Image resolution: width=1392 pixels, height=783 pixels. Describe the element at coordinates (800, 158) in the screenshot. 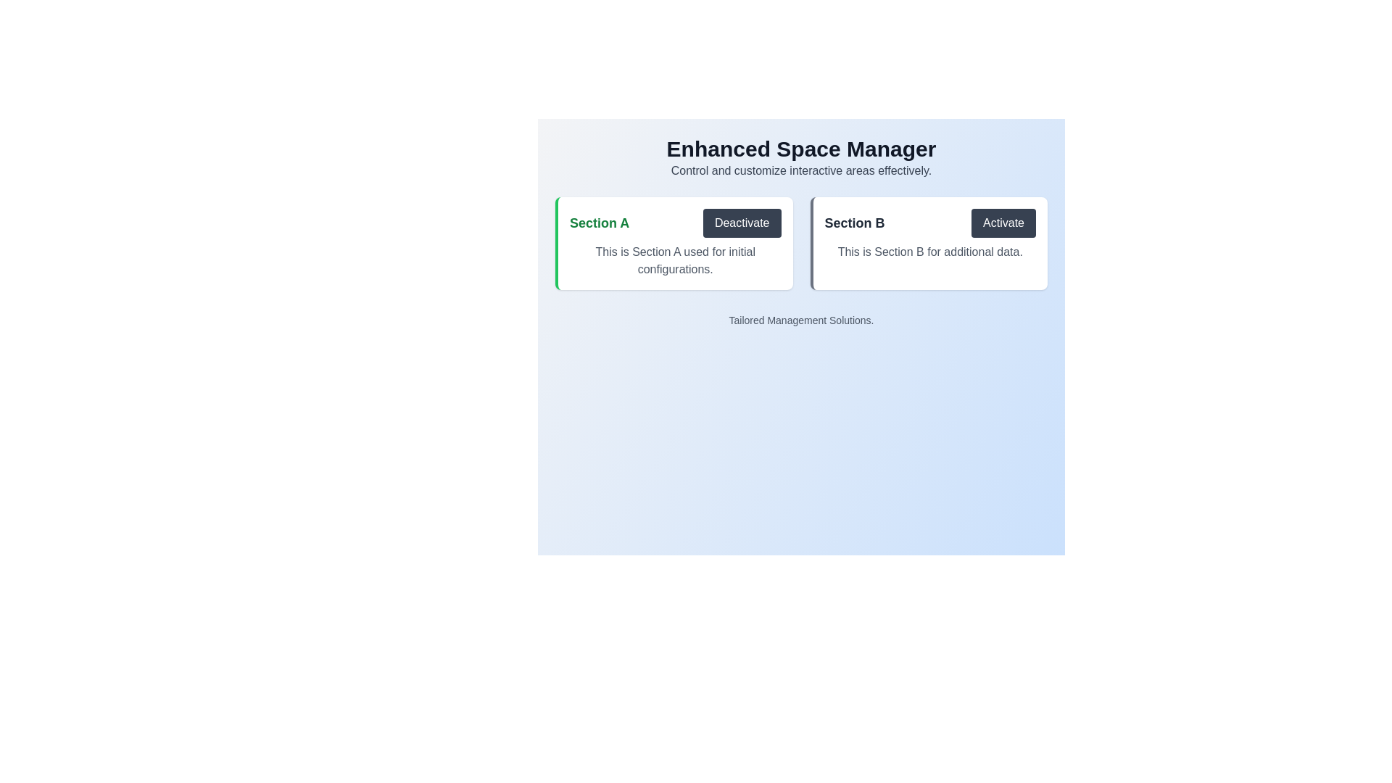

I see `the Text block with heading and subtitle, which serves as an introductory component for the interface's main functionality` at that location.